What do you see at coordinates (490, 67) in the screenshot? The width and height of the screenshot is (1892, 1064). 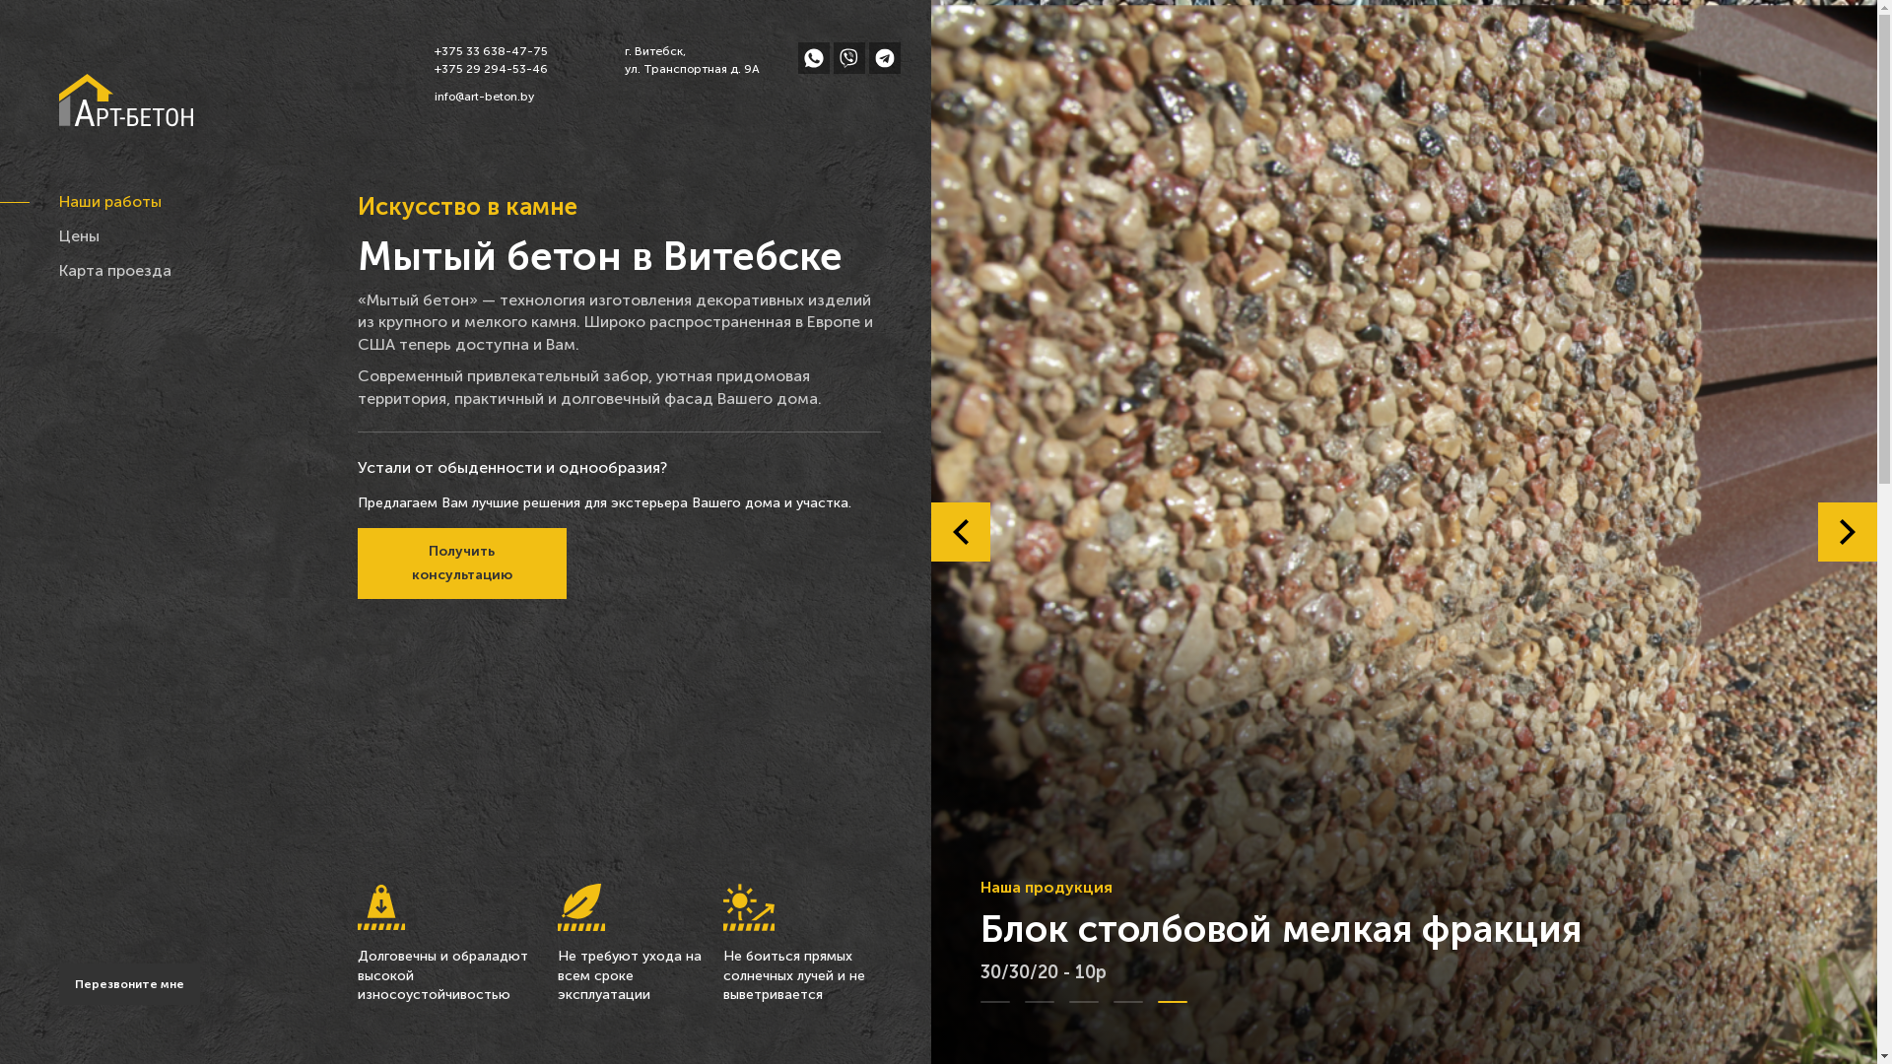 I see `'+375 29 294-53-46'` at bounding box center [490, 67].